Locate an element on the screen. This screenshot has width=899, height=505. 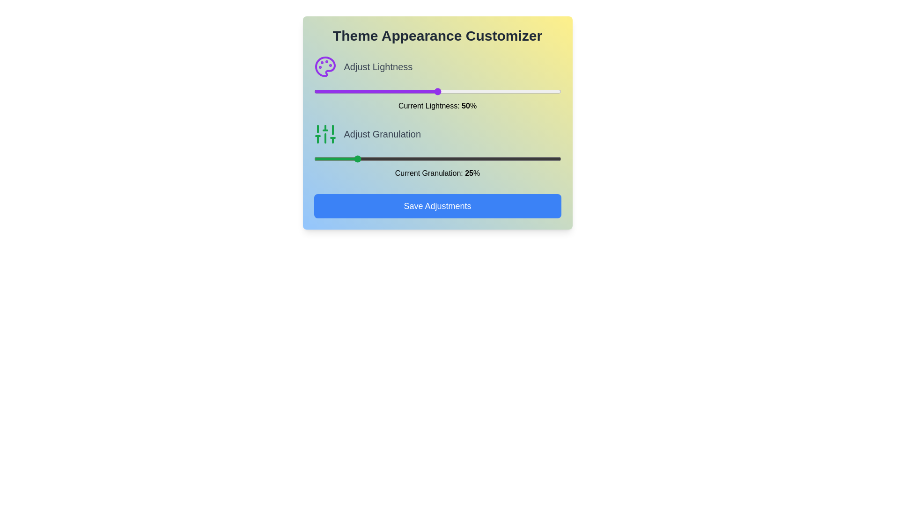
the lightness slider to 90% is located at coordinates (536, 92).